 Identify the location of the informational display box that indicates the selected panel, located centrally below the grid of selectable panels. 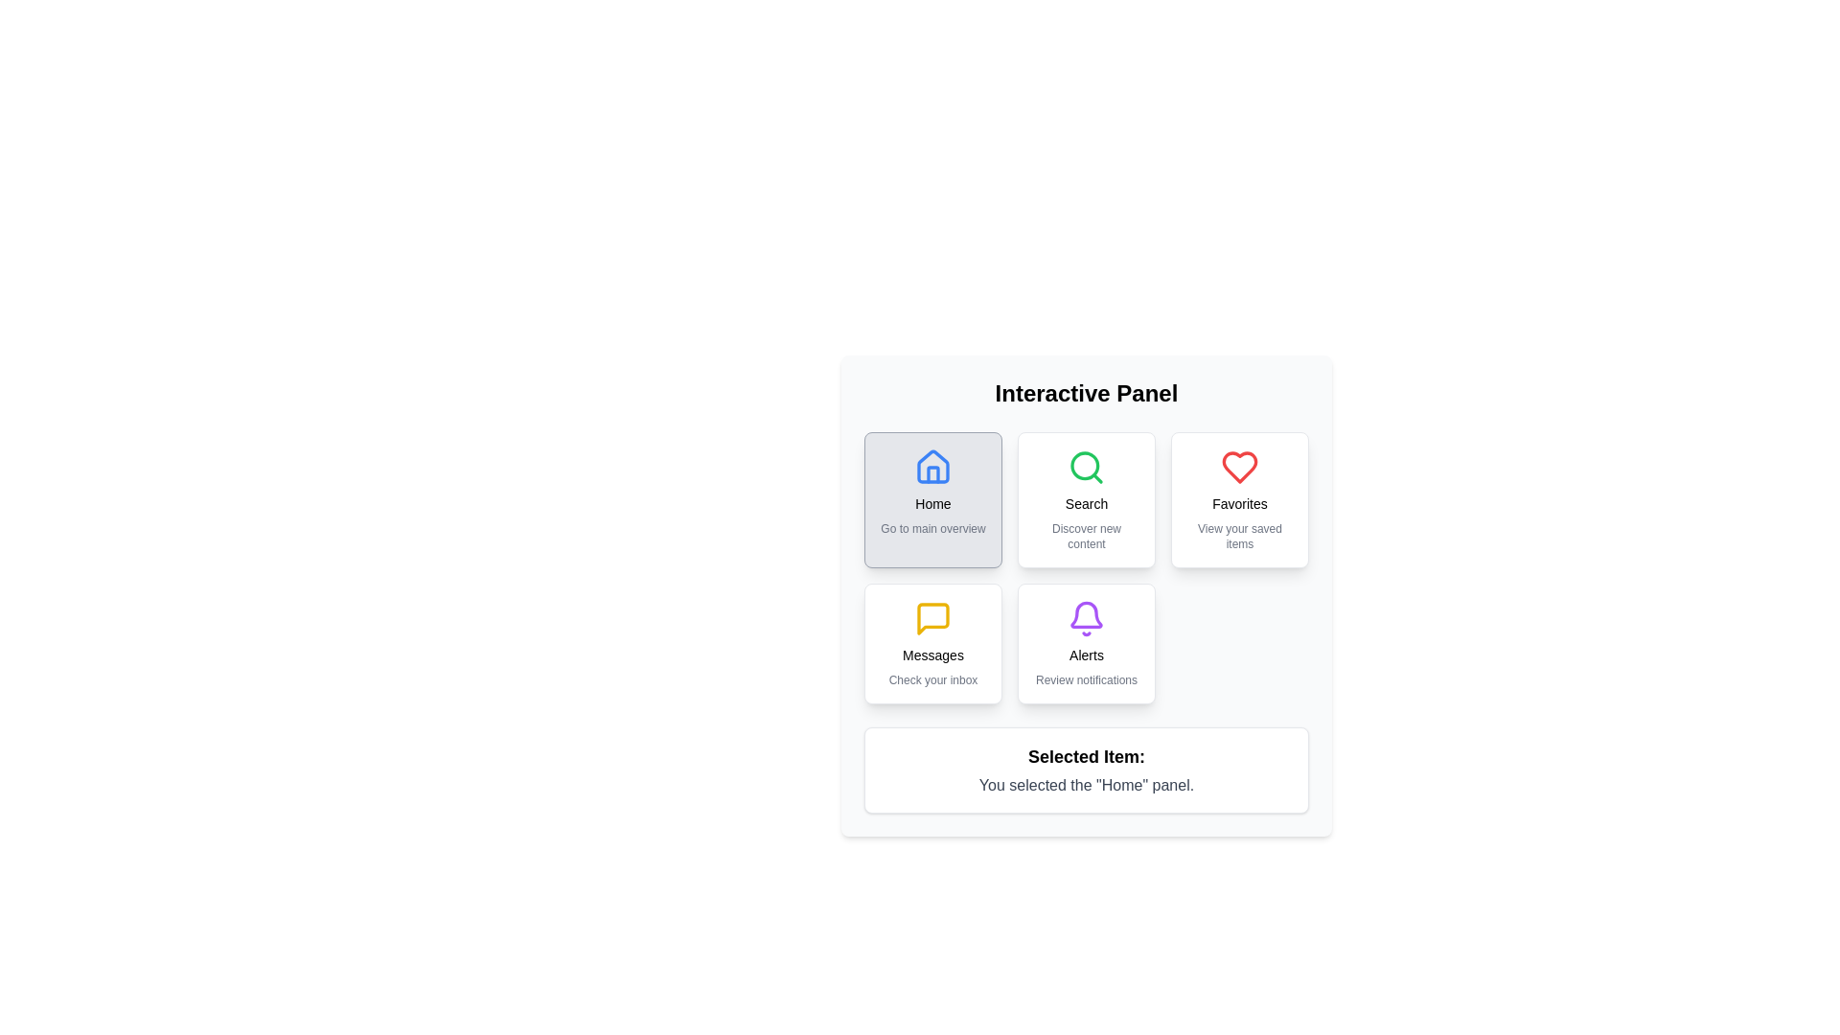
(1086, 769).